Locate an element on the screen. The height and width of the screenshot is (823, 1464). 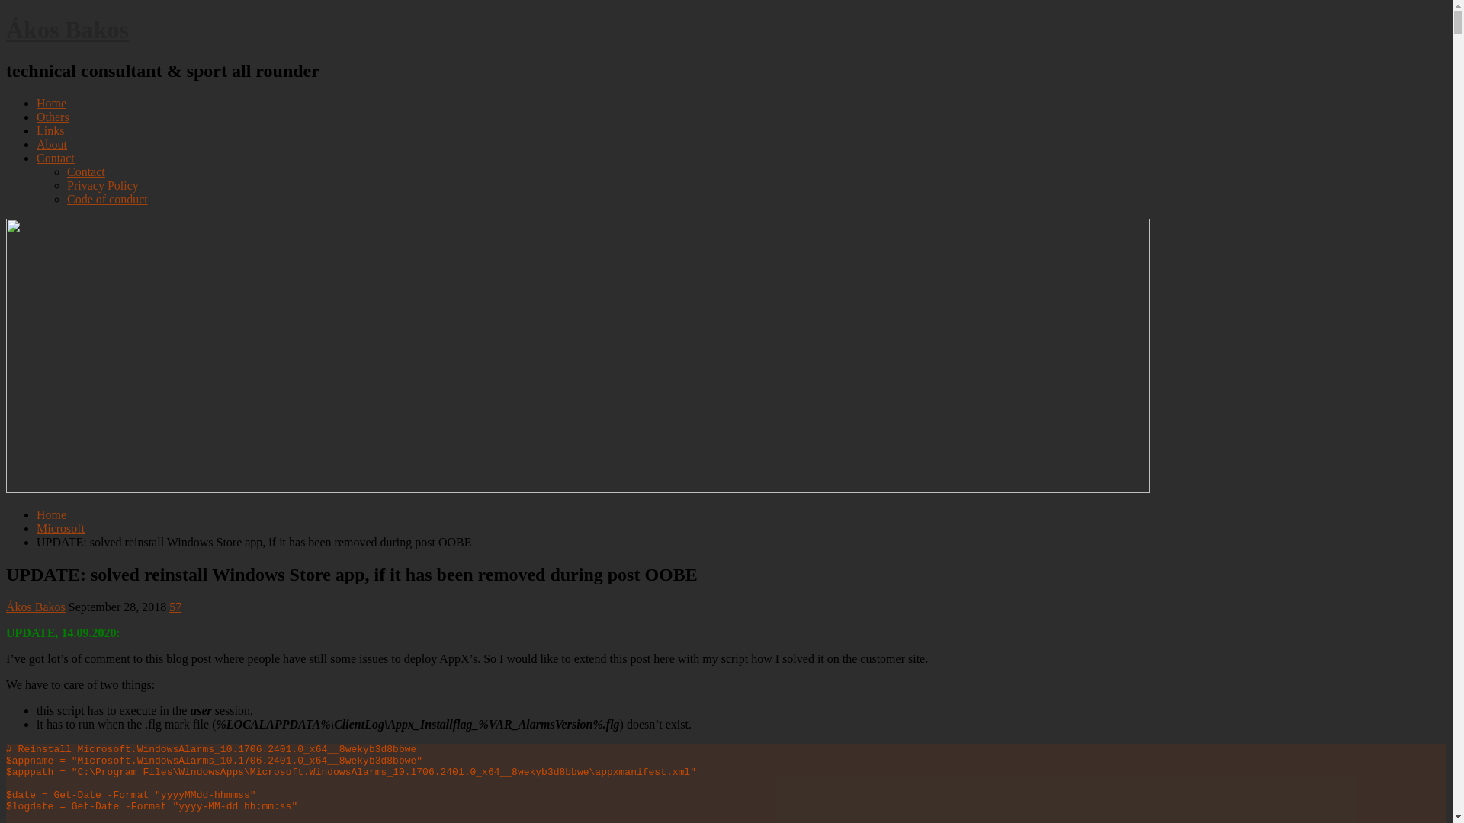
'Contact' is located at coordinates (55, 158).